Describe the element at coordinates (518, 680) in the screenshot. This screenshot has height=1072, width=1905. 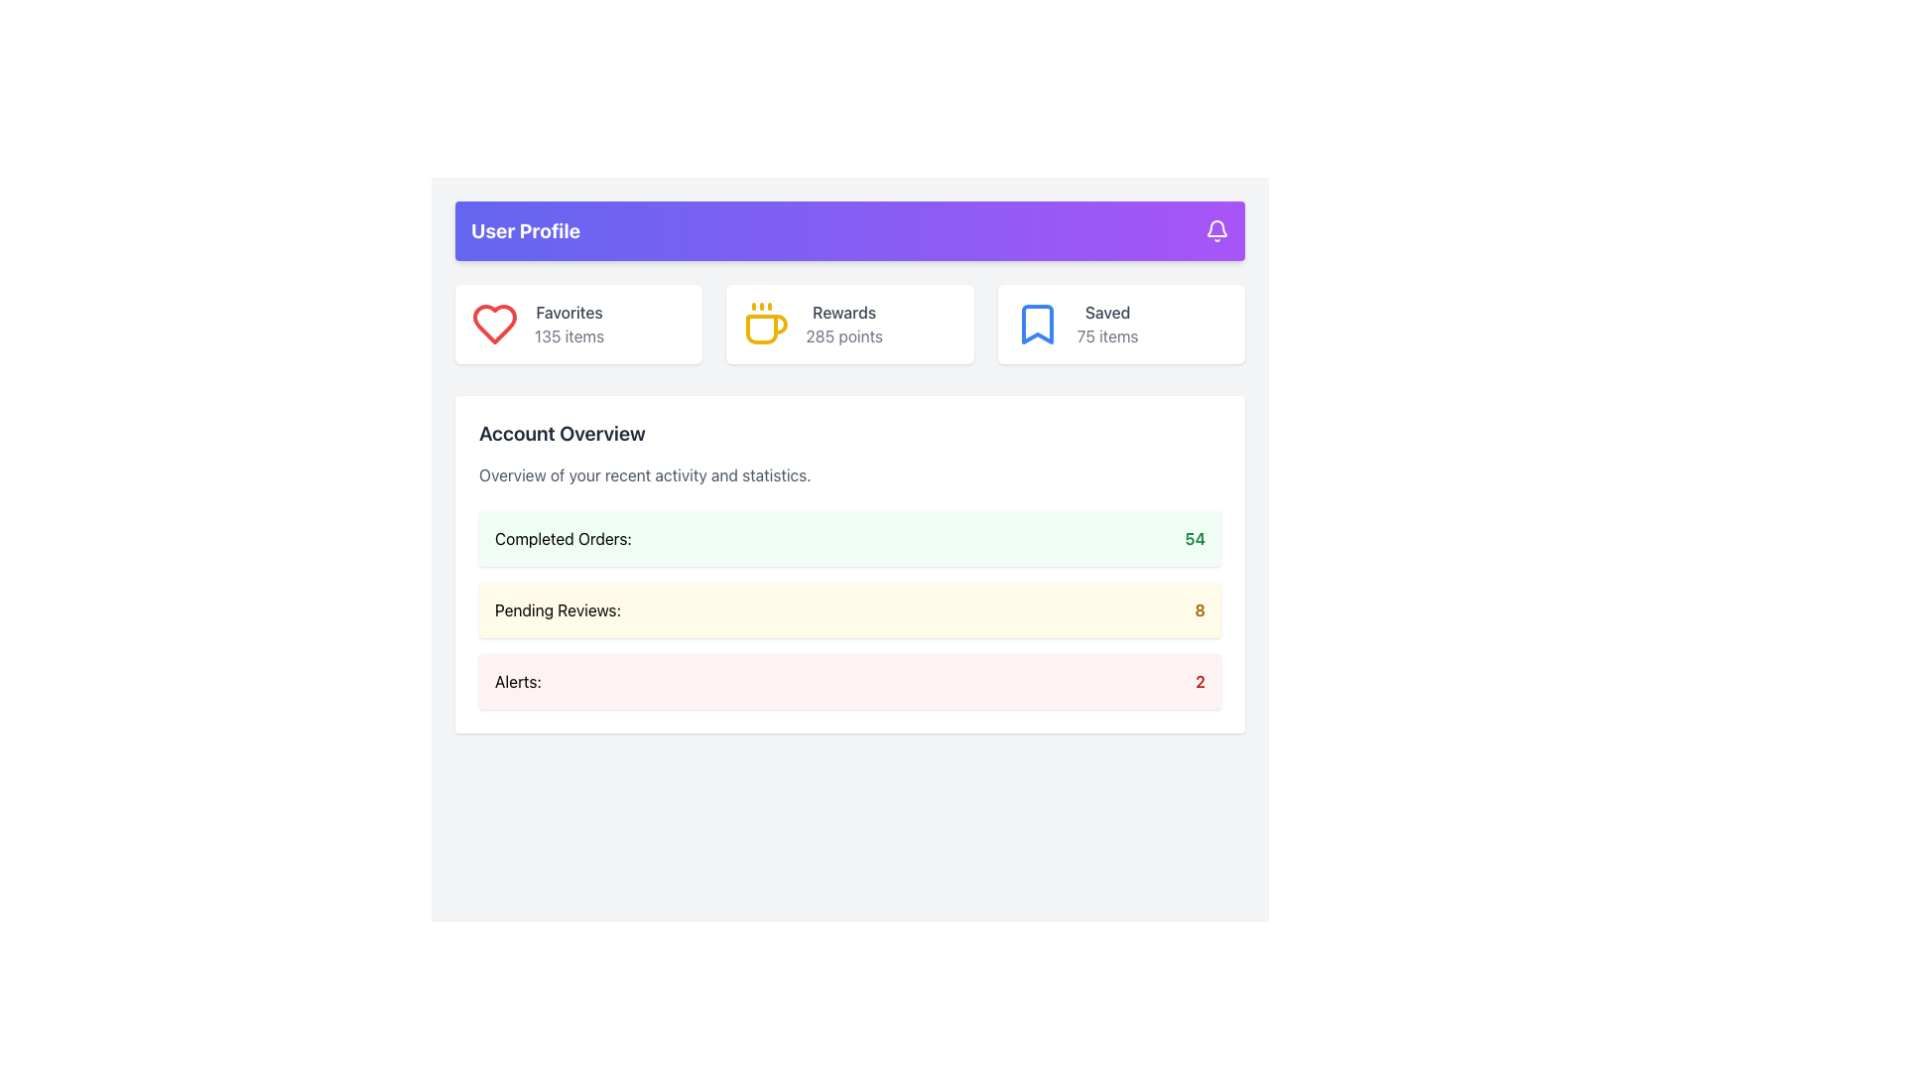
I see `the Text label that serves as a heading for the alert count, located inside a light red rectangular box in the 'Account Overview' section` at that location.